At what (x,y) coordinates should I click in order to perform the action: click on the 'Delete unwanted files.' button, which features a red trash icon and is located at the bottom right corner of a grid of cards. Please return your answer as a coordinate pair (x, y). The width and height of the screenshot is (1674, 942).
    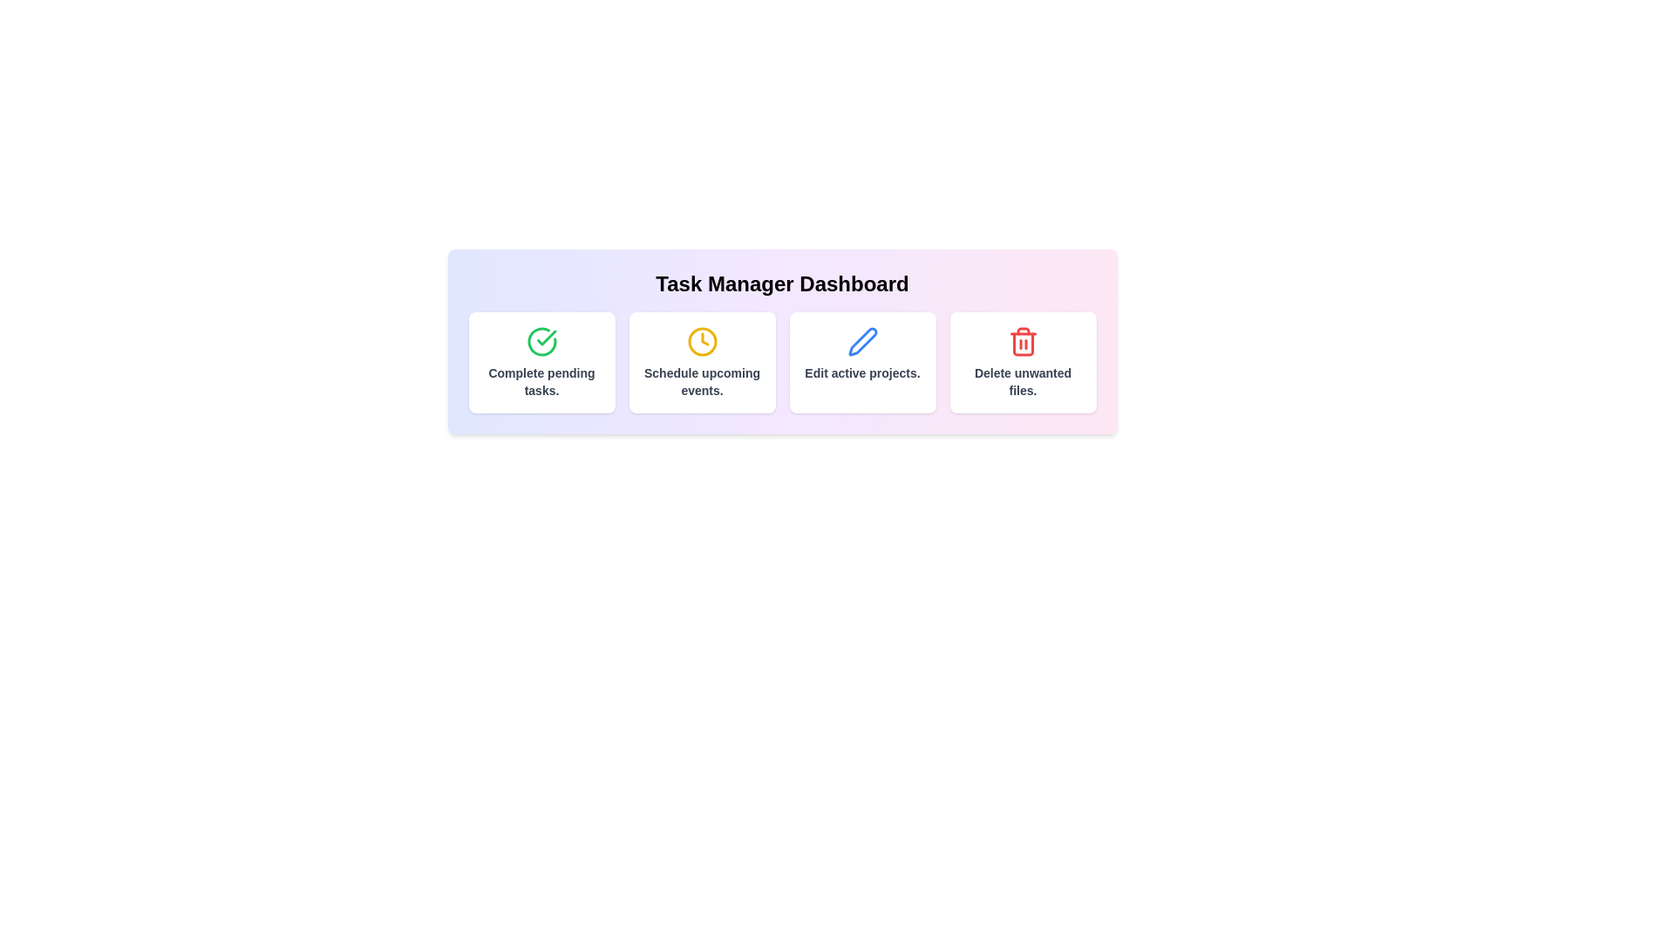
    Looking at the image, I should click on (1023, 362).